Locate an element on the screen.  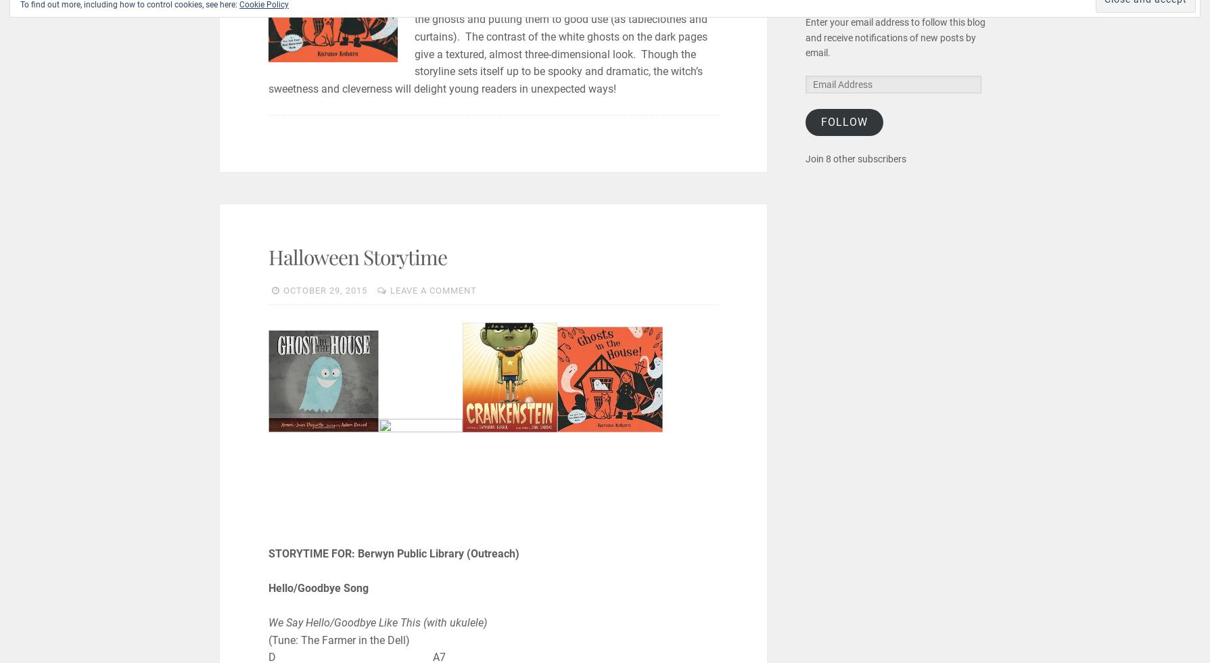
'Hello/Goodbye Song' is located at coordinates (317, 587).